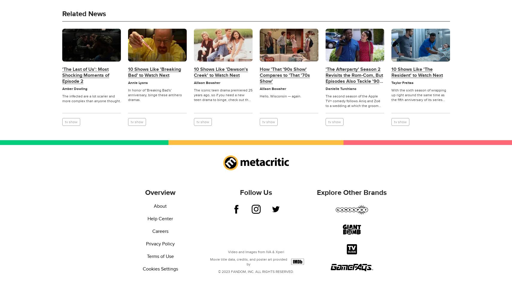 This screenshot has width=512, height=298. What do you see at coordinates (160, 206) in the screenshot?
I see `'About'` at bounding box center [160, 206].